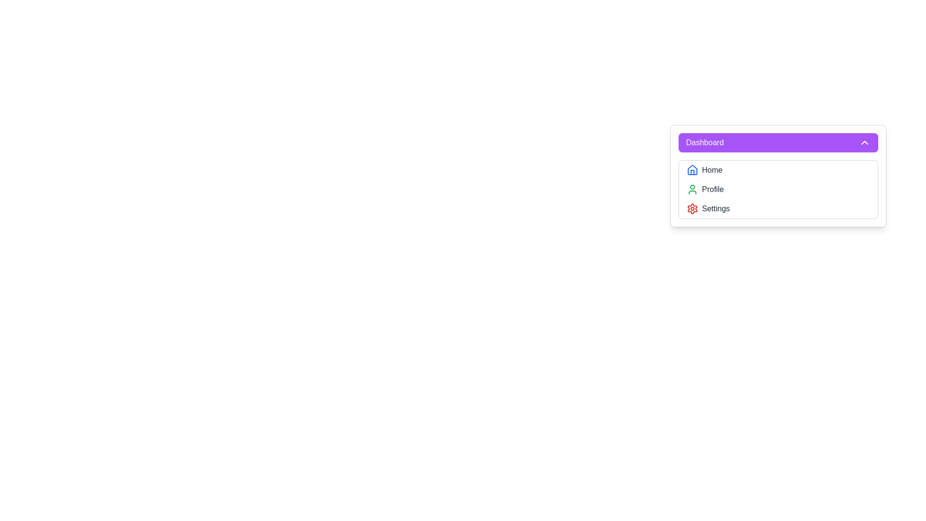 The height and width of the screenshot is (521, 926). I want to click on the settings link located under the purple header labeled 'Dashboard', which is the third item in the vertical list beneath 'Home' and 'Profile', so click(716, 208).